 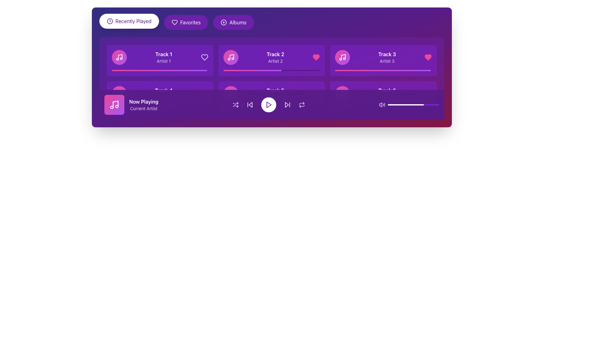 I want to click on the 'Now Playing' text display element, which includes the labels 'Now Playing' in bold white and 'Current Artist' in a smaller purple font, located in the bottom left quadrant of the playback controls area, so click(x=143, y=104).